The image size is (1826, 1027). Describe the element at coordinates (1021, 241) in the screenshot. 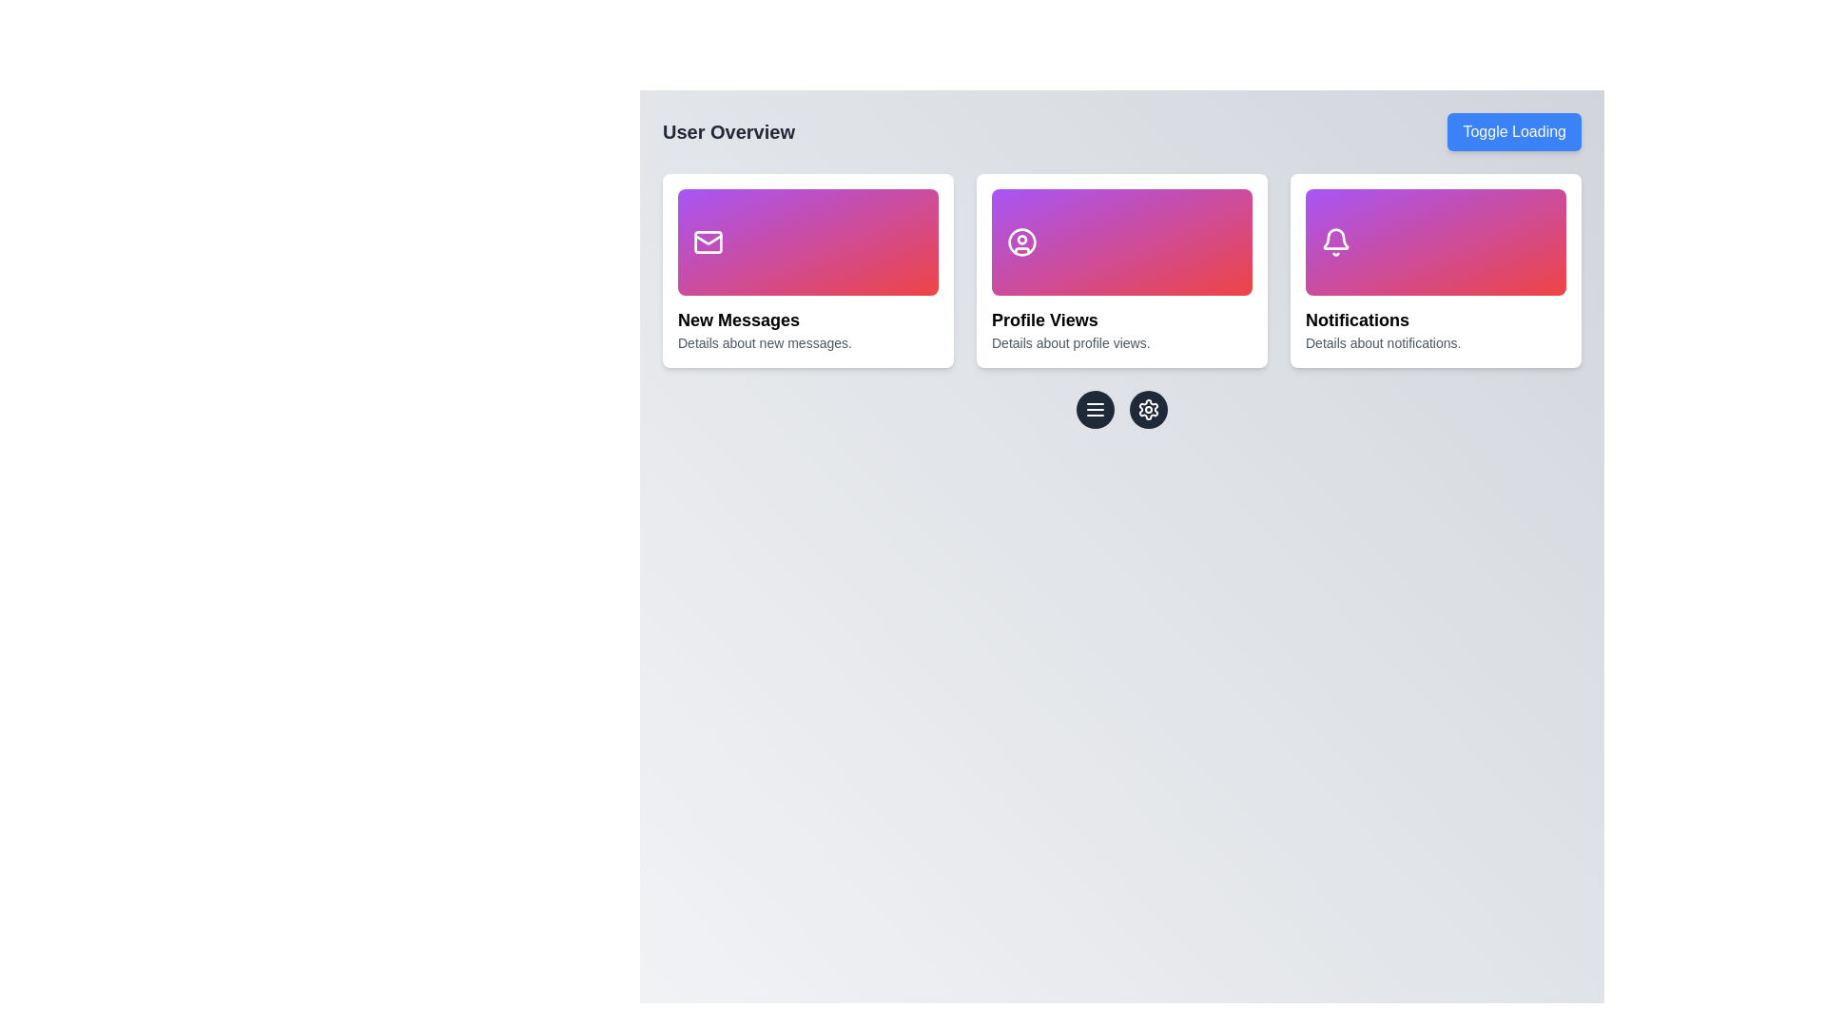

I see `the innermost circular shape of the user profile icon graphic located in the 'Profile Views' card, which is the second card from the left` at that location.